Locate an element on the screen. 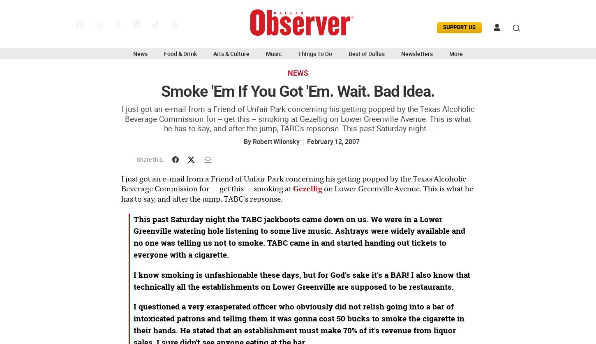 Image resolution: width=596 pixels, height=344 pixels. 'Gezellig' is located at coordinates (307, 188).